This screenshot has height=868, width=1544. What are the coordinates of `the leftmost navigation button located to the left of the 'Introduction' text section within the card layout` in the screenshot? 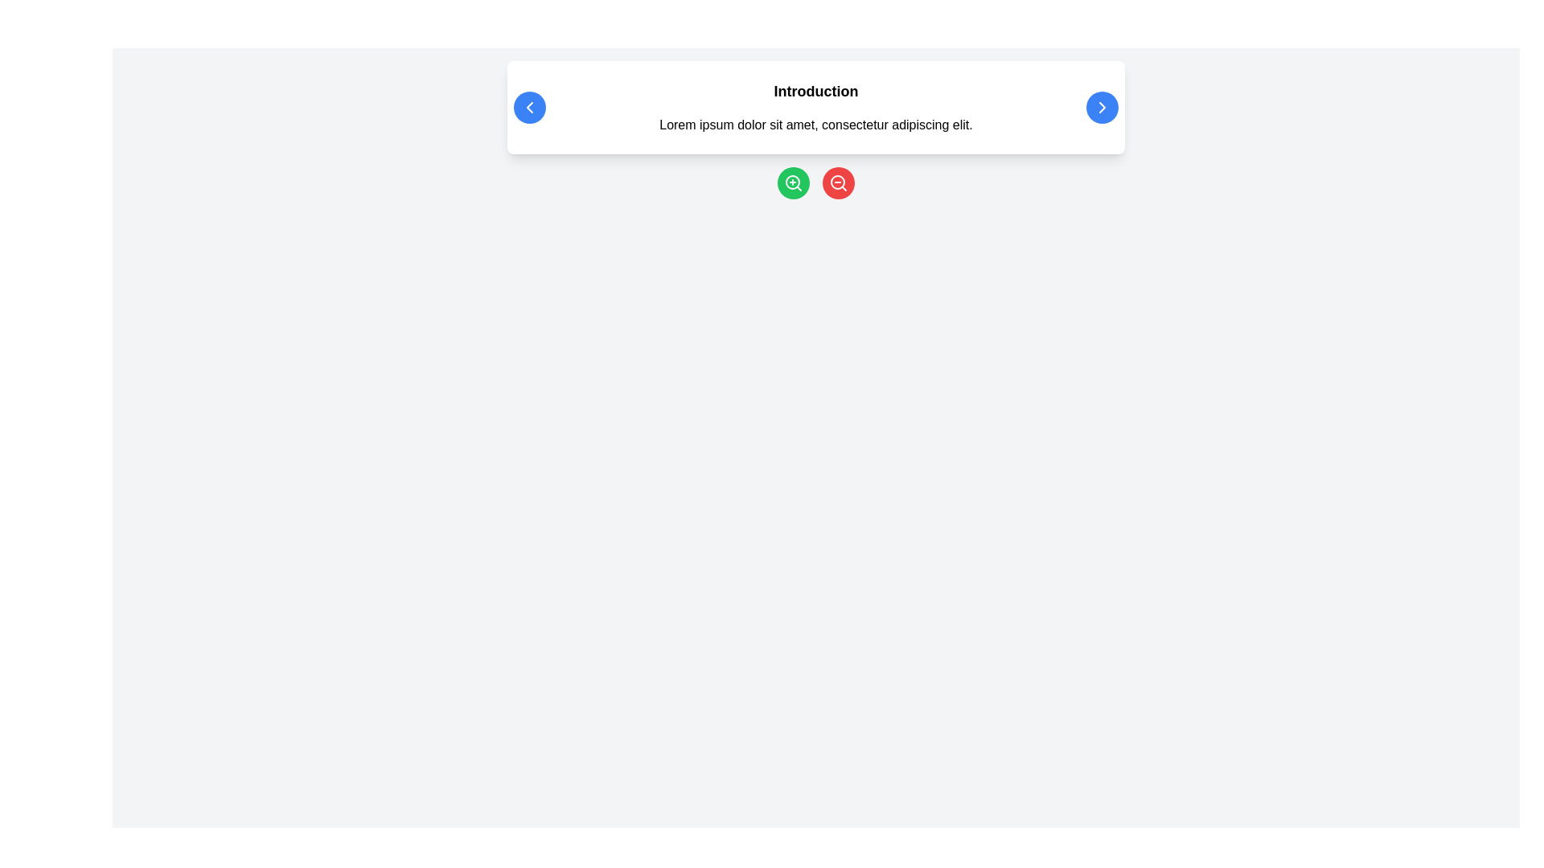 It's located at (529, 108).